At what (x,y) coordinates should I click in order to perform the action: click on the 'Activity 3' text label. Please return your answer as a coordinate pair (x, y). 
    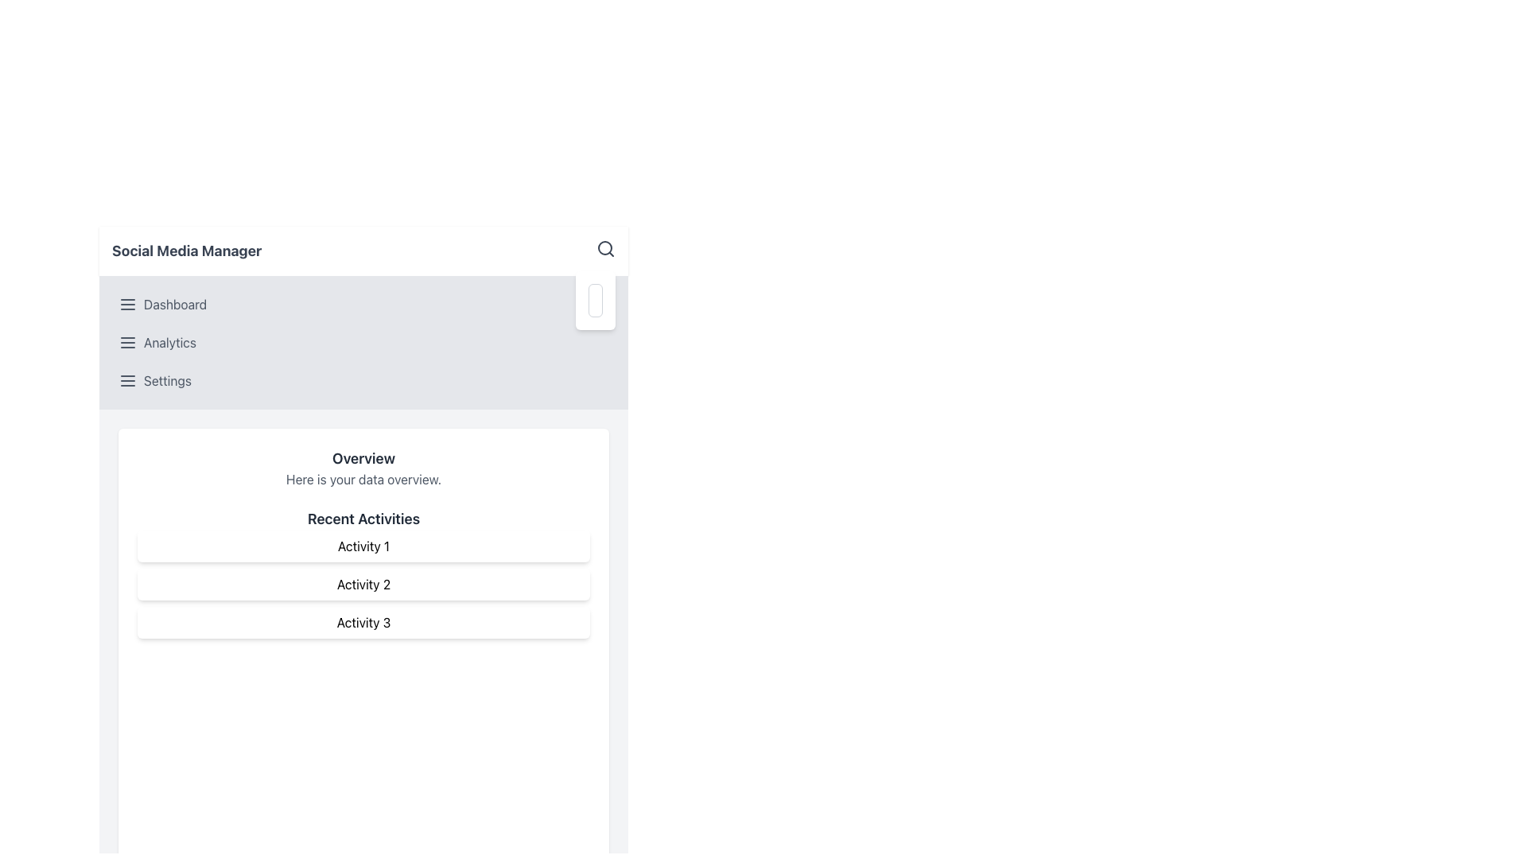
    Looking at the image, I should click on (363, 622).